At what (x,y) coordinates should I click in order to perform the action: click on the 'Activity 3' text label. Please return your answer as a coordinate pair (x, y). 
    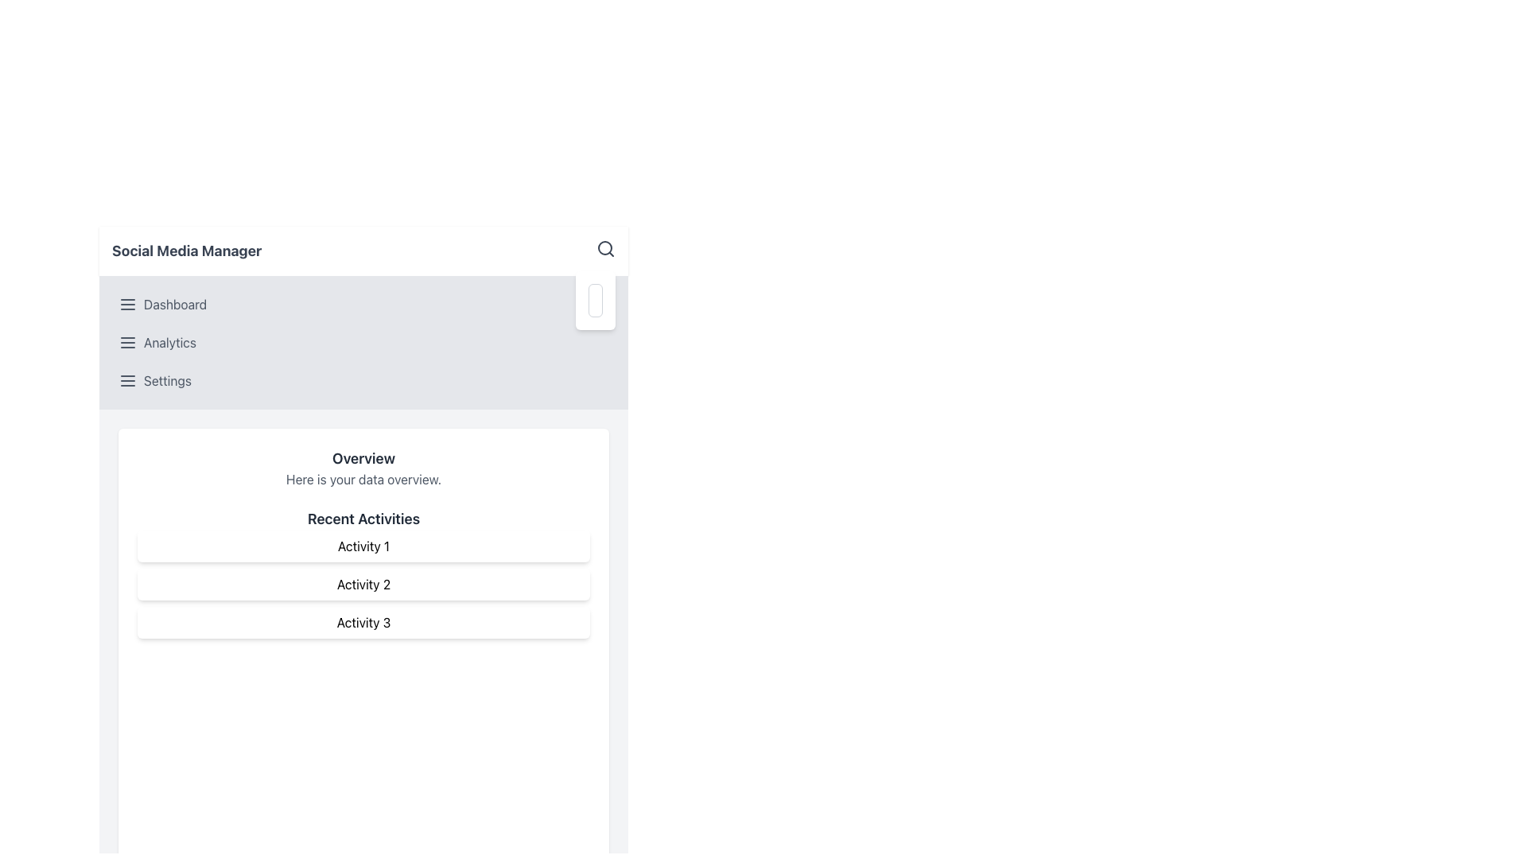
    Looking at the image, I should click on (363, 622).